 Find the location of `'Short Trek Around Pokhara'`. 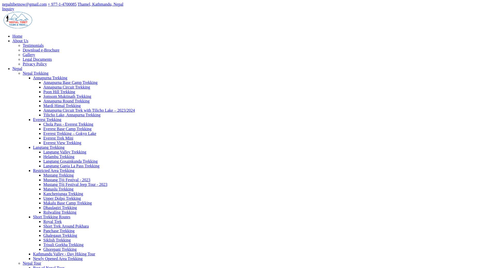

'Short Trek Around Pokhara' is located at coordinates (66, 226).